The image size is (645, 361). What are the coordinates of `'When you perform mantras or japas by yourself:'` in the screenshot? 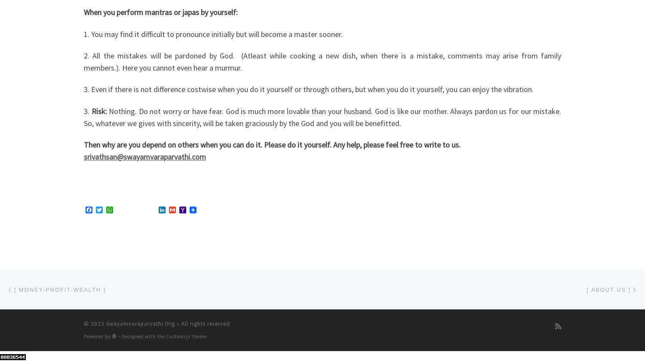 It's located at (160, 12).